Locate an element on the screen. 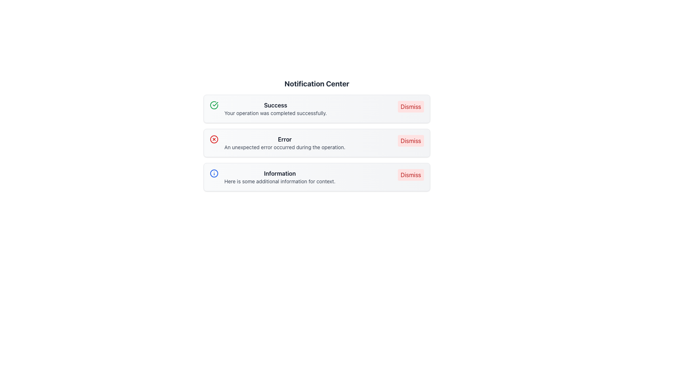 This screenshot has width=697, height=392. the Notification panel that has a gradient background, contains an 'Information' title, a brief description, and a 'Dismiss' button is located at coordinates (317, 177).